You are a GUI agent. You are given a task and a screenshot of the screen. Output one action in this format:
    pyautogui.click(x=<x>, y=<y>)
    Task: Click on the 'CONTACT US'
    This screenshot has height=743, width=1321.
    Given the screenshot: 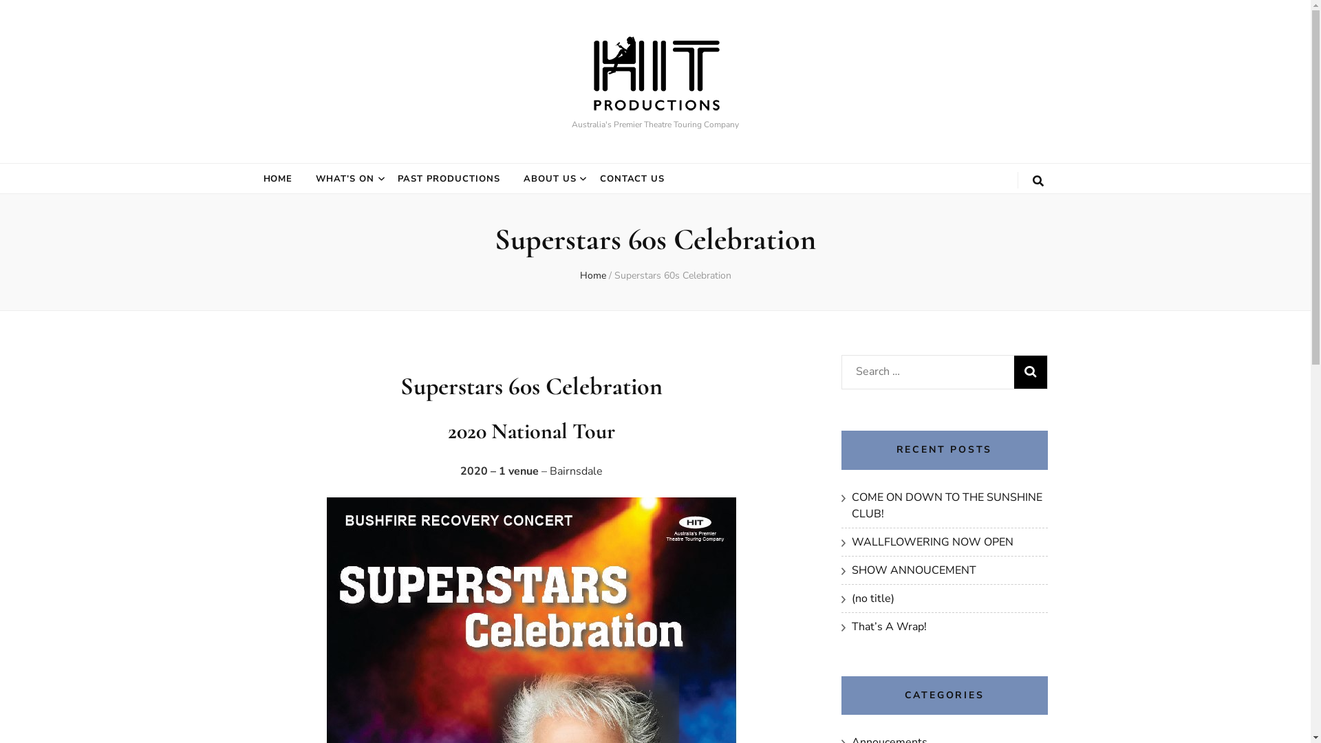 What is the action you would take?
    pyautogui.click(x=632, y=177)
    